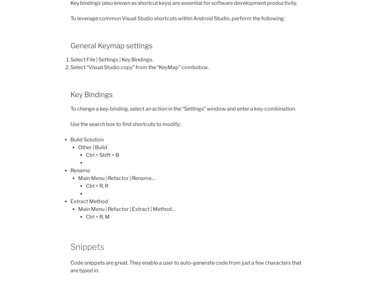  Describe the element at coordinates (97, 186) in the screenshot. I see `'Ctrl + R, R'` at that location.